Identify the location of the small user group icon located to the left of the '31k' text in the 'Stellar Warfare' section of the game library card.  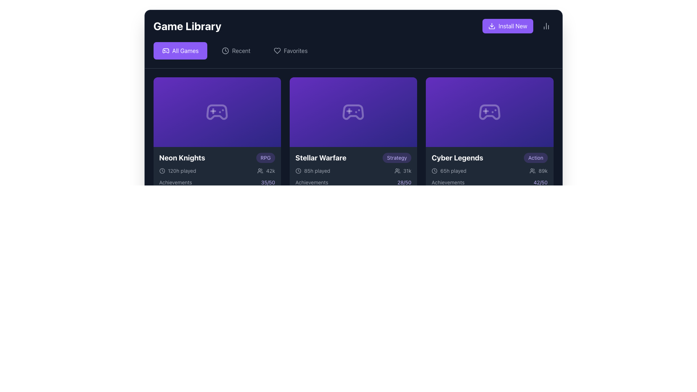
(397, 171).